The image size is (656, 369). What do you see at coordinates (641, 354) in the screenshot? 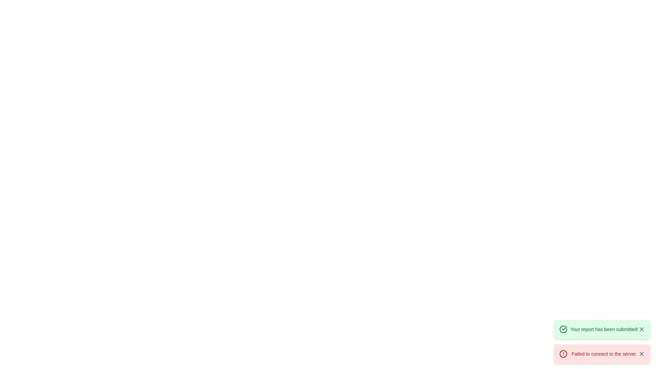
I see `the small interactive 'X' icon close button located at the top-right corner of the red alert box displaying the message 'Failed to connect to the server.'` at bounding box center [641, 354].